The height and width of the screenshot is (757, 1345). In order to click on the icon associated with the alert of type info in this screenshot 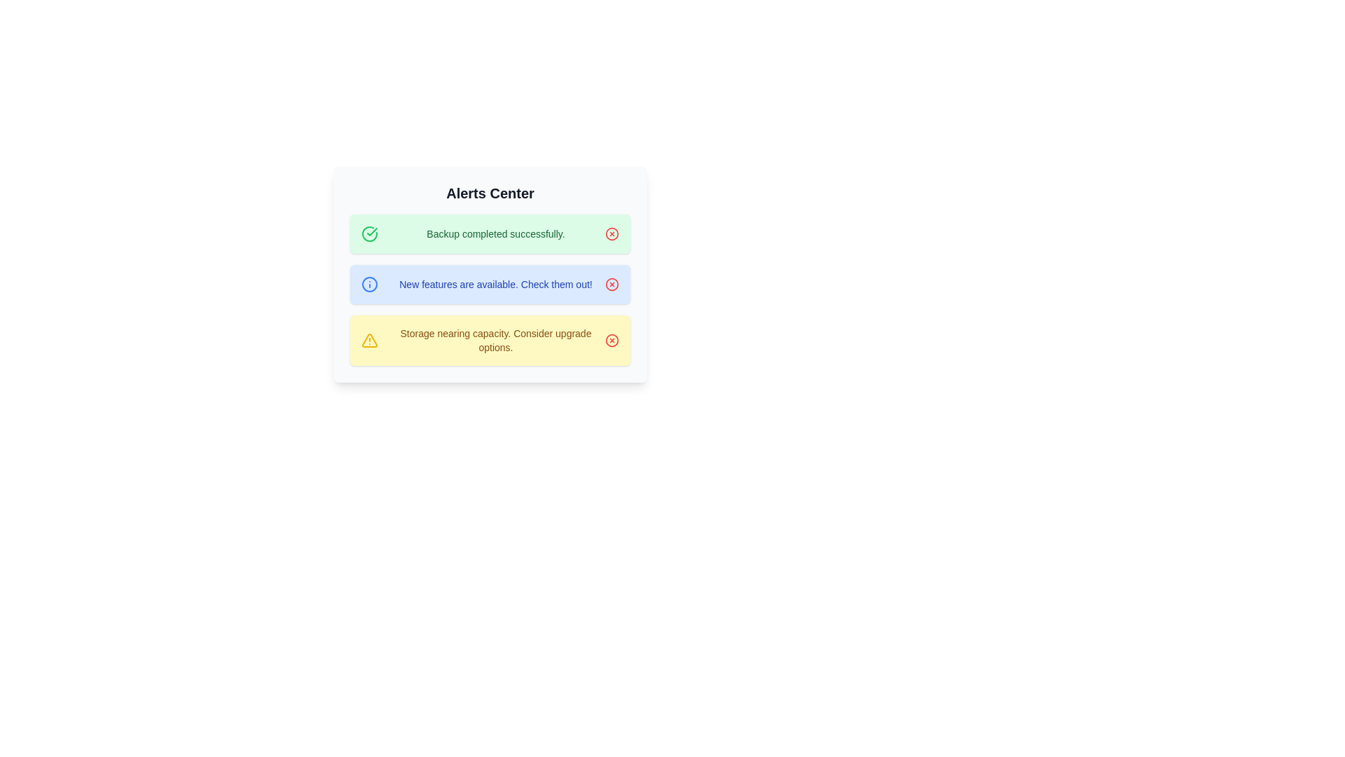, I will do `click(370, 284)`.